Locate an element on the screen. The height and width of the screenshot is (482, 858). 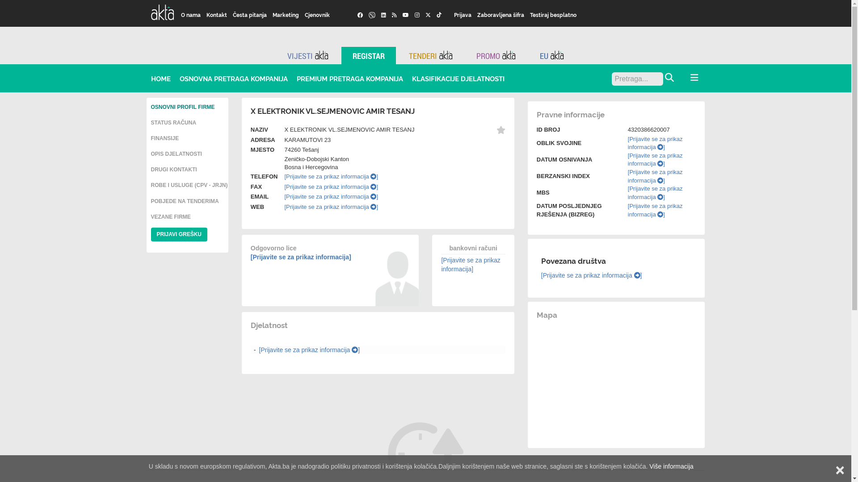
'TENDERI' is located at coordinates (431, 55).